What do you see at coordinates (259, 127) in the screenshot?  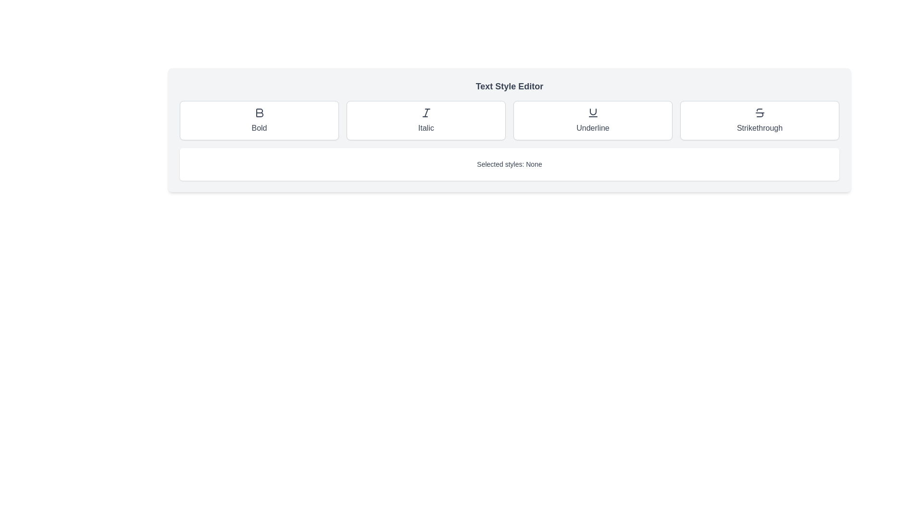 I see `the text label displaying the word 'Bold', which is located below a bold text icon in the first position of a horizontal group of text formatting buttons` at bounding box center [259, 127].